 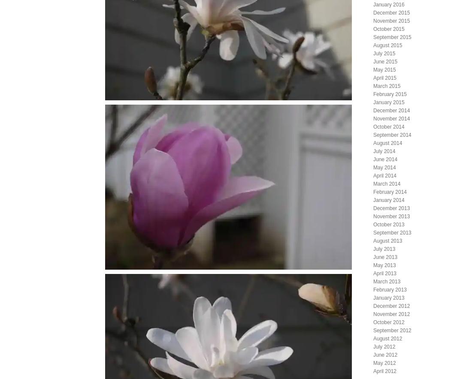 What do you see at coordinates (387, 183) in the screenshot?
I see `'March 2014'` at bounding box center [387, 183].